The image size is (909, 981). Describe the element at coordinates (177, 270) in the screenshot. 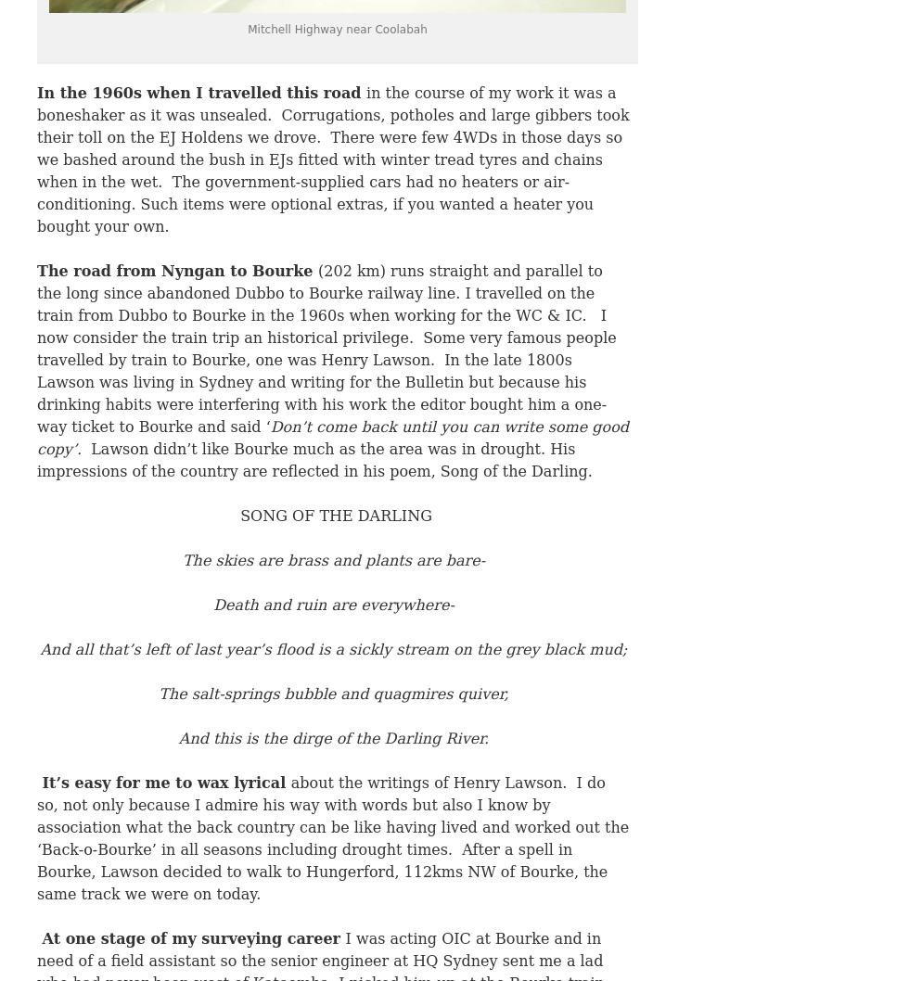

I see `'The road from Nyngan to Bourke'` at that location.